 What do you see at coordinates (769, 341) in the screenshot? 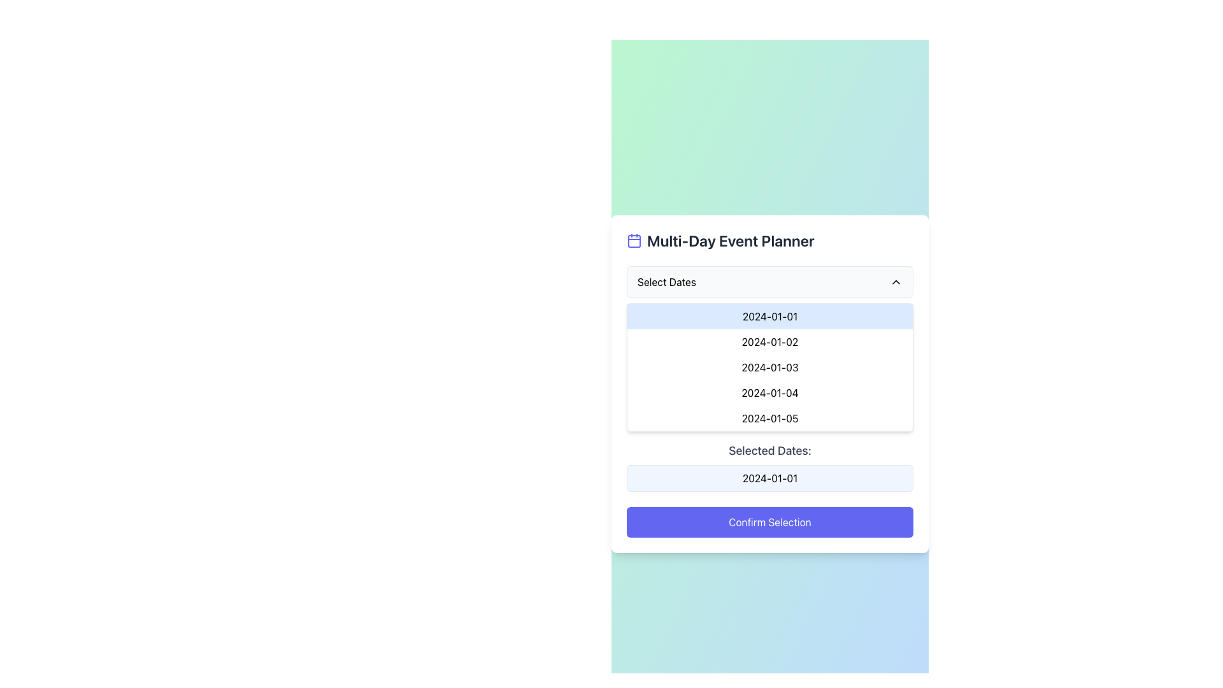
I see `the second date option in the dropdown menu` at bounding box center [769, 341].